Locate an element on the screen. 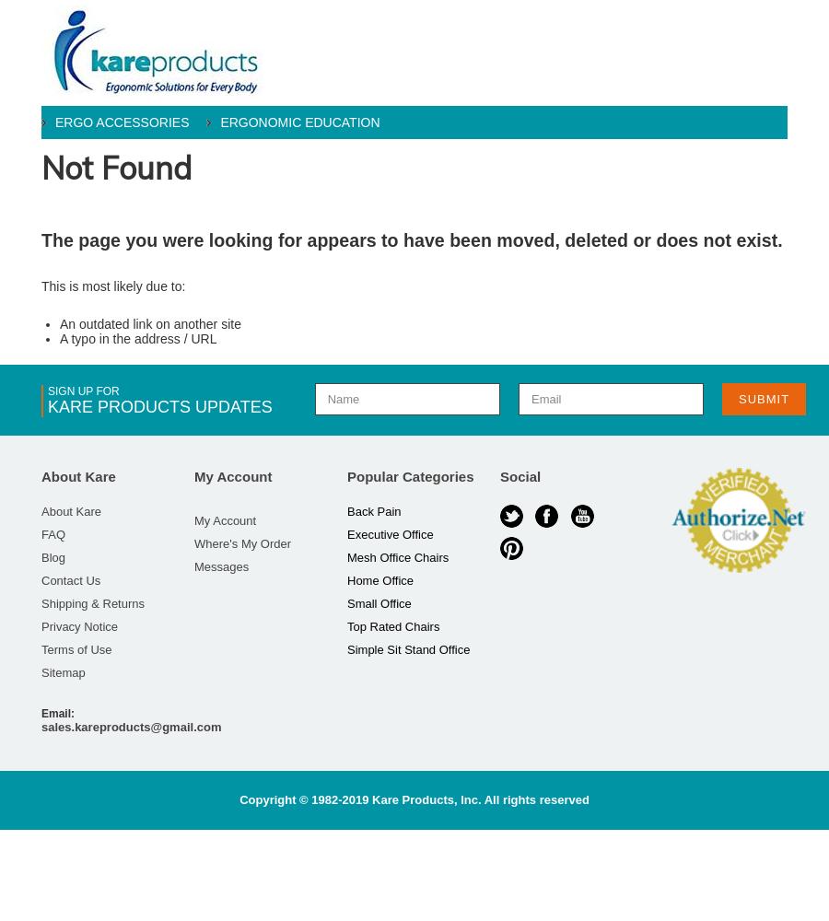 The image size is (829, 921). 'Privacy Notice' is located at coordinates (78, 626).